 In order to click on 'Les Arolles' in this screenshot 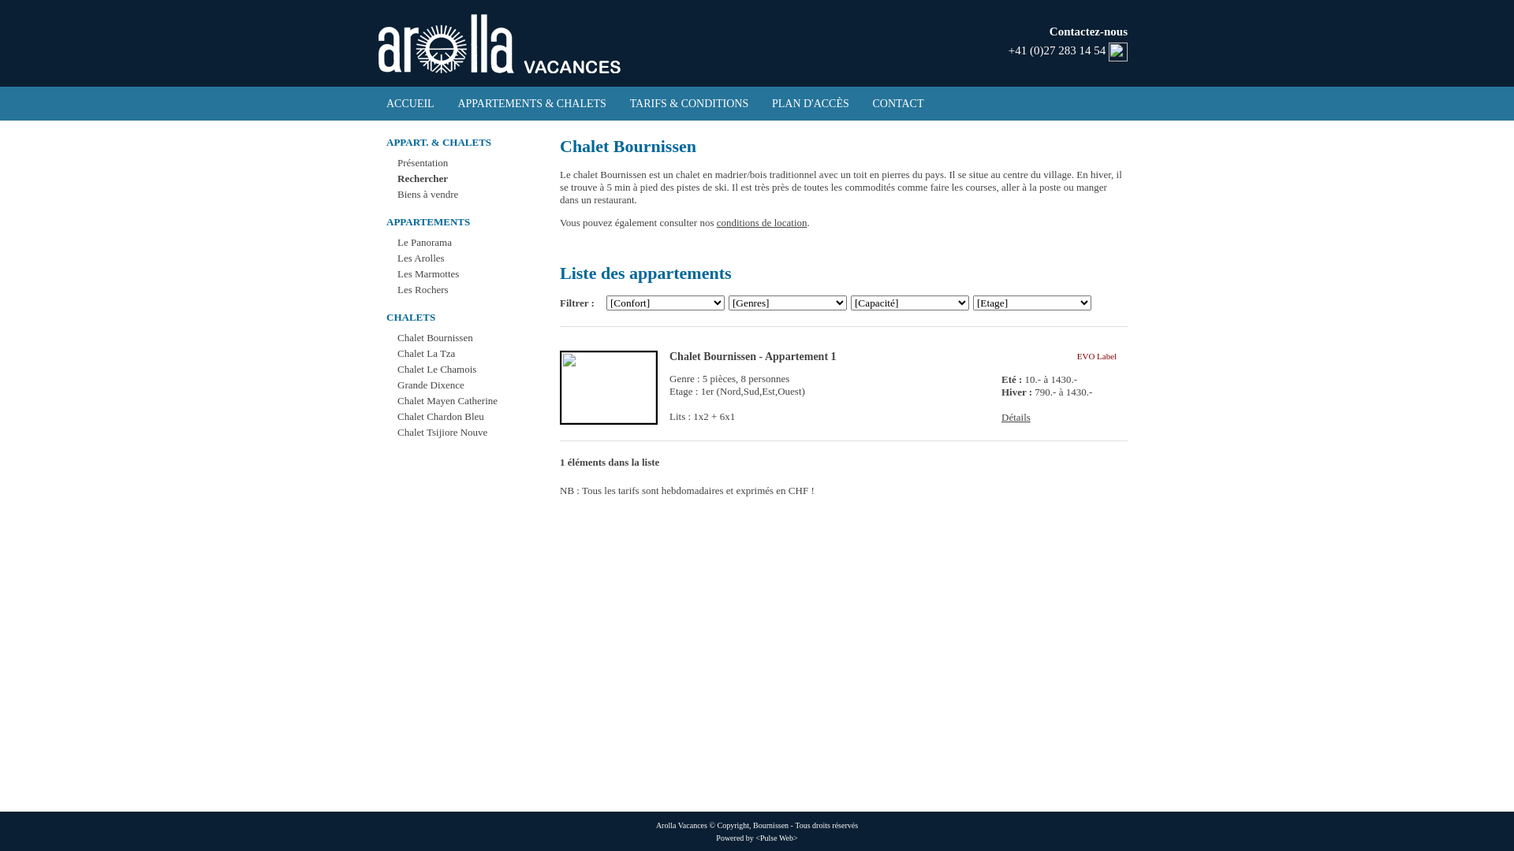, I will do `click(397, 257)`.